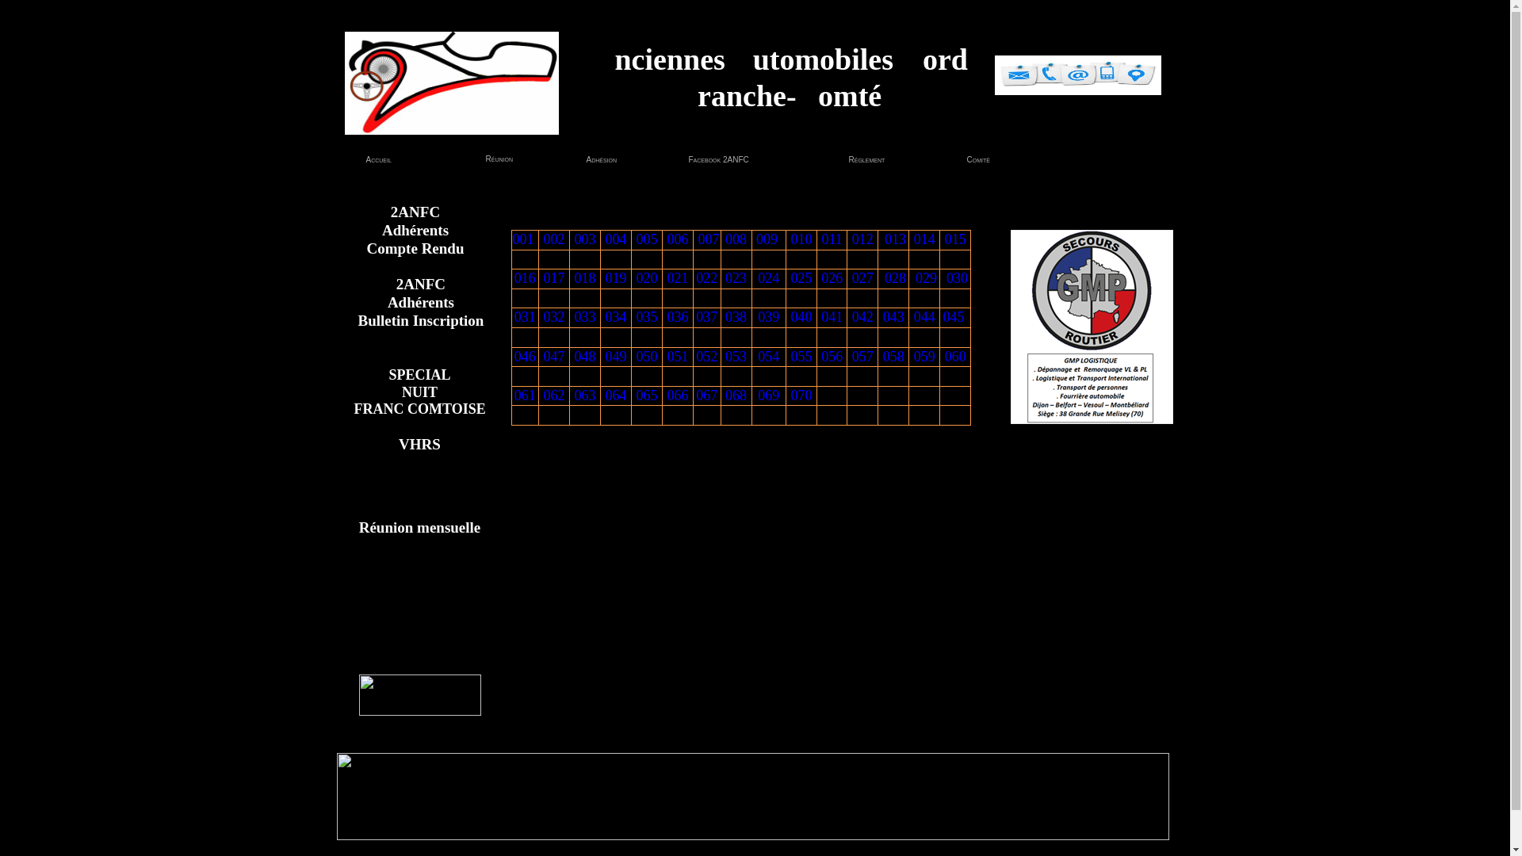 This screenshot has height=856, width=1522. I want to click on 'Facebook 2ANFC    ', so click(688, 159).